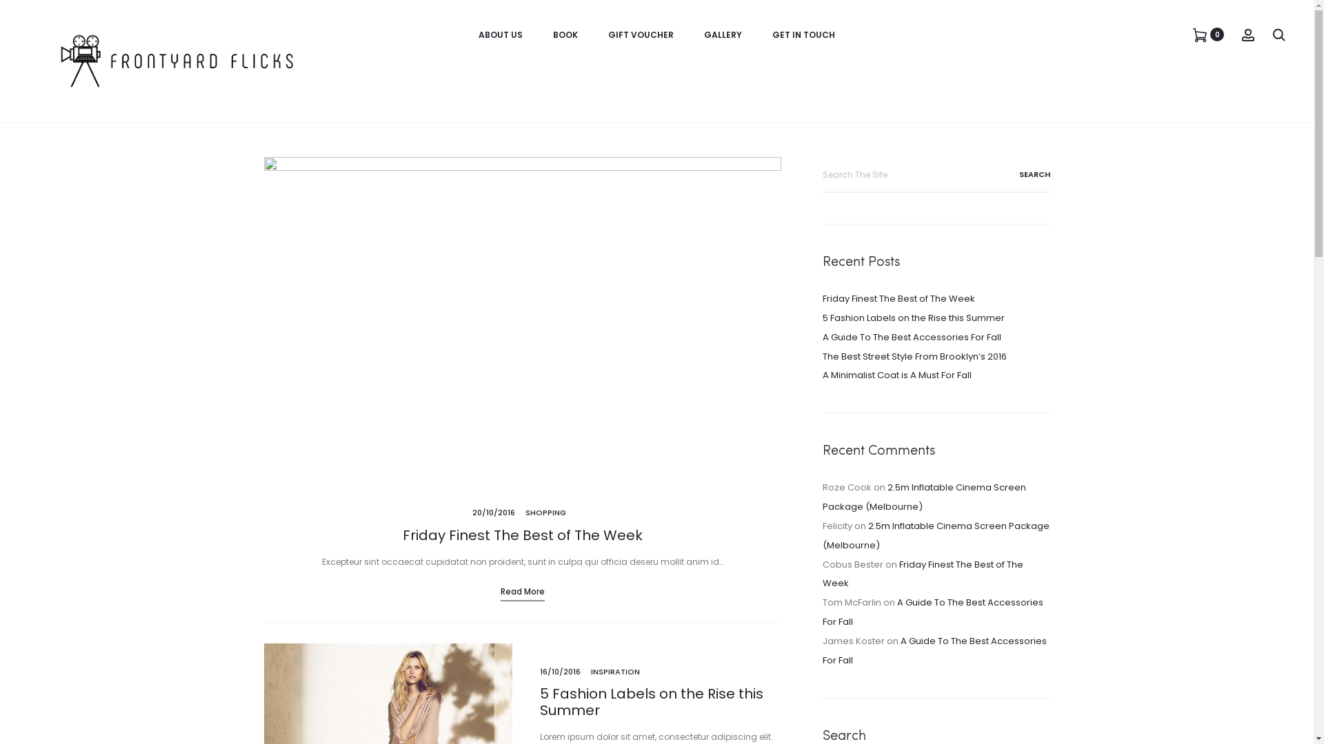 The image size is (1324, 744). What do you see at coordinates (896, 375) in the screenshot?
I see `'A Minimalist Coat is A Must For Fall'` at bounding box center [896, 375].